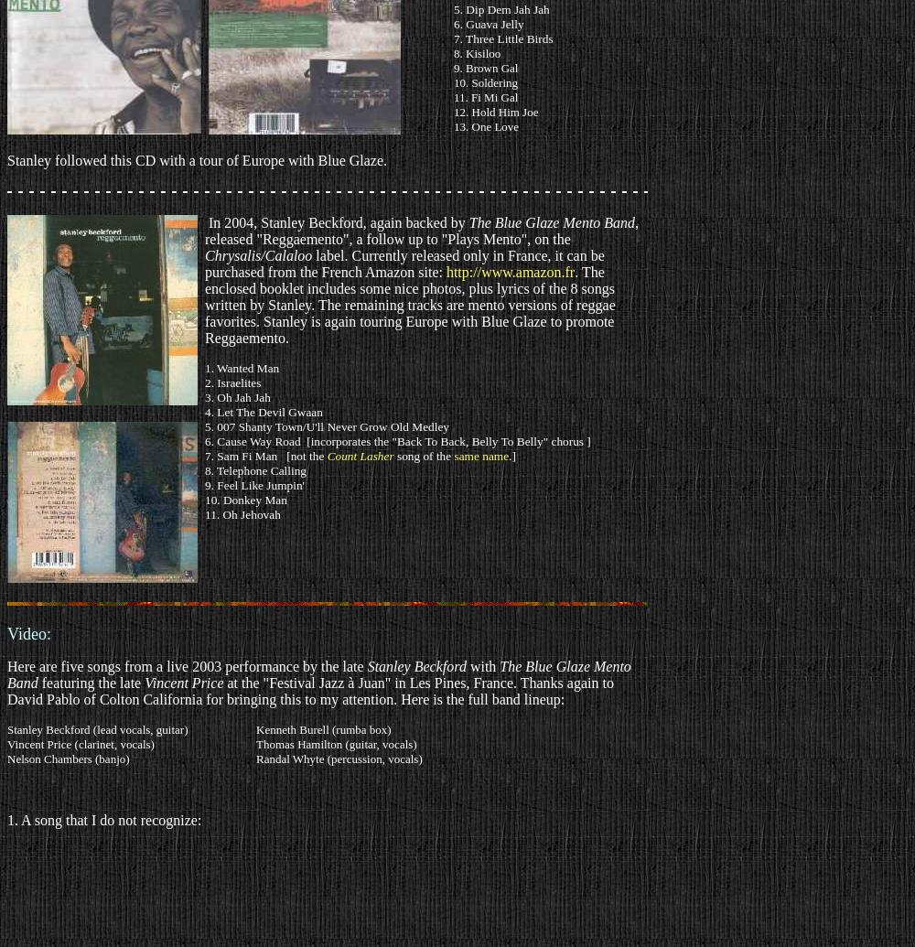 Image resolution: width=915 pixels, height=947 pixels. Describe the element at coordinates (7, 743) in the screenshot. I see `'Vincent Price (clarinet, vocals)'` at that location.